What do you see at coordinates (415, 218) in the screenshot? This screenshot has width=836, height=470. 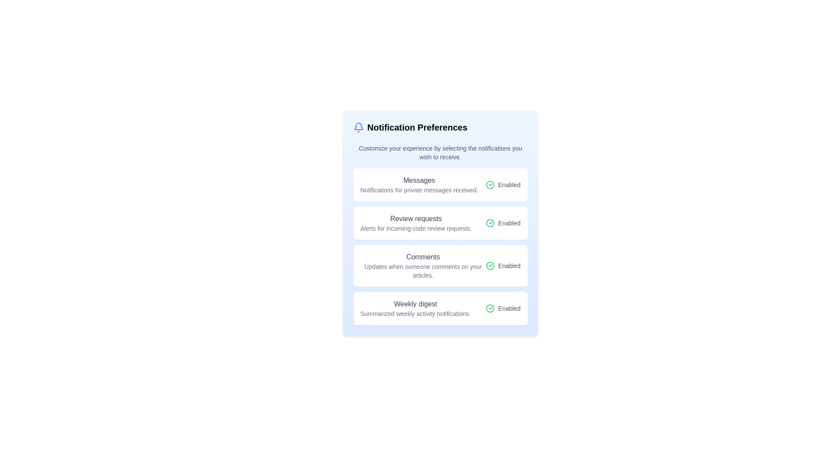 I see `the text label that reads 'Review requests', which is styled in gray (#707070) and is located in the notification settings interface, specifically in the second notification module below 'Messages'` at bounding box center [415, 218].